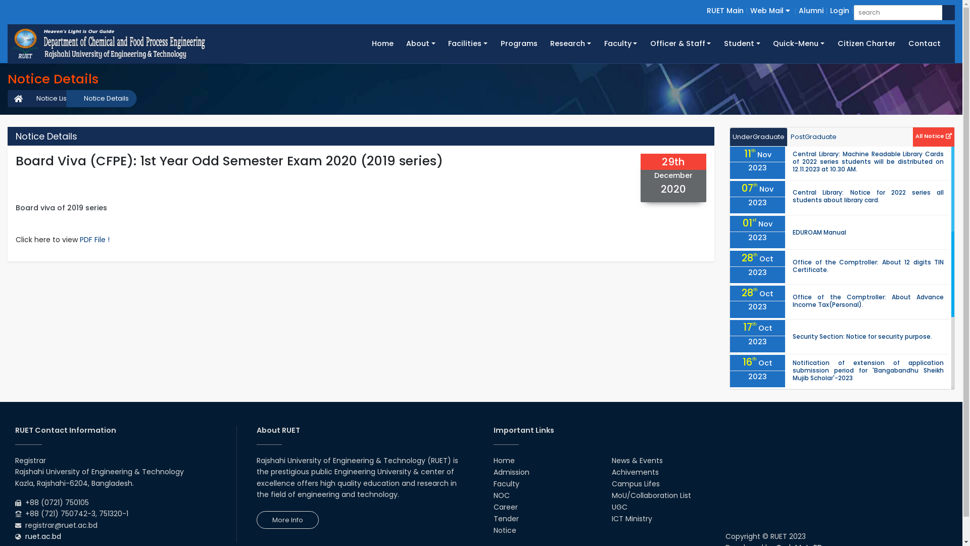  I want to click on 'Student', so click(742, 43).